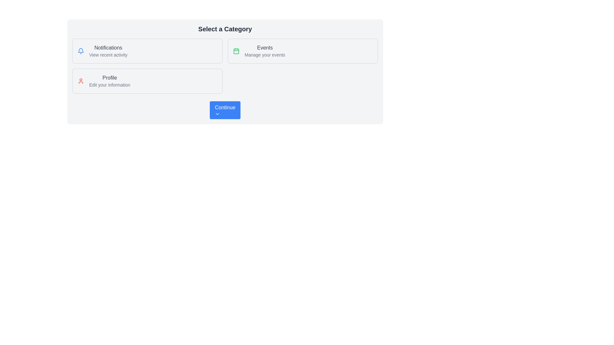 This screenshot has width=614, height=345. I want to click on the function of the Chevron-Down icon located on the right side of the 'Continue' button at the bottom of the visible card layout, so click(217, 114).